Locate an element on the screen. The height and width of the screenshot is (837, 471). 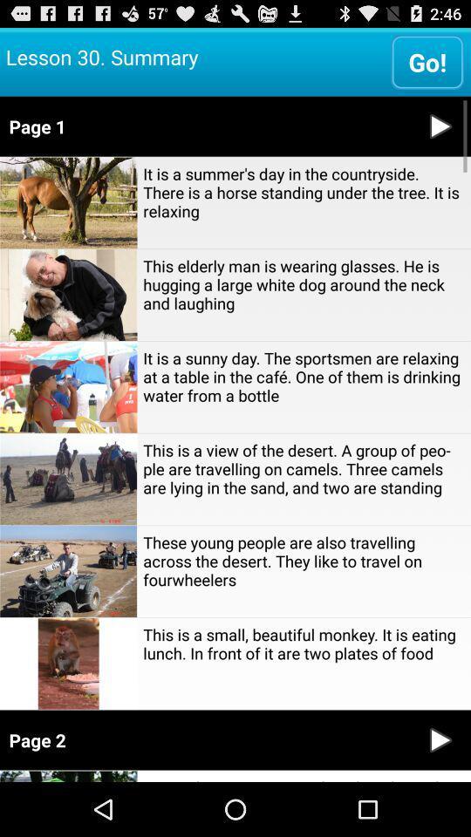
the icon next to the lesson 30. summary app is located at coordinates (427, 61).